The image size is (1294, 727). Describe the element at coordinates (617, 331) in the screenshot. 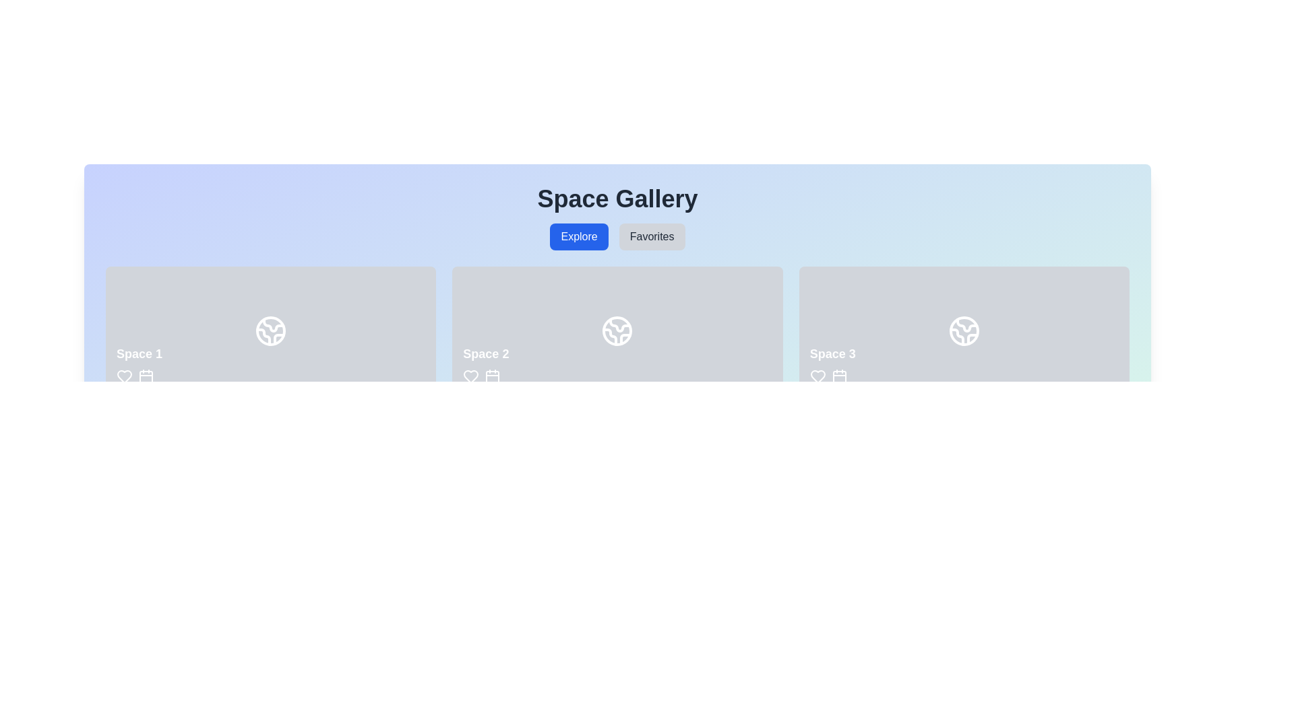

I see `the round globe icon with abstract shapes styled in white, located in the second section labeled 'Space 2' within the gallery layout` at that location.